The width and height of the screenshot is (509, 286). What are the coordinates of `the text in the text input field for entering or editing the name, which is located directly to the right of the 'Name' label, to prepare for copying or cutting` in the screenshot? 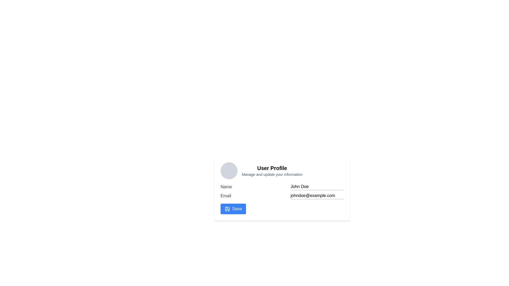 It's located at (317, 186).